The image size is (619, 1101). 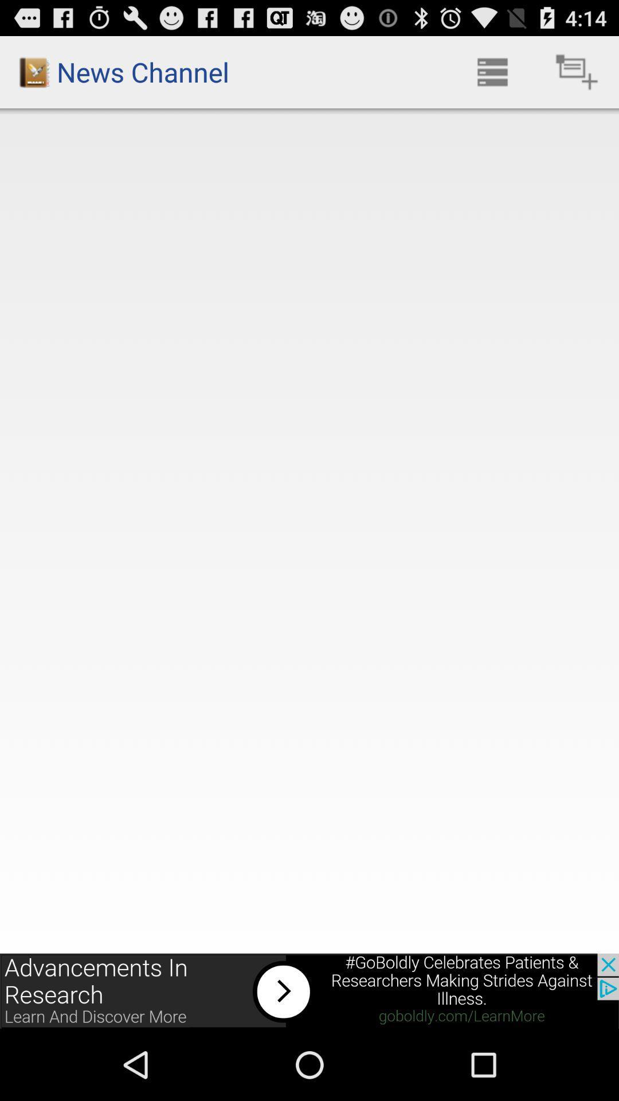 What do you see at coordinates (309, 990) in the screenshot?
I see `advertisement for research` at bounding box center [309, 990].